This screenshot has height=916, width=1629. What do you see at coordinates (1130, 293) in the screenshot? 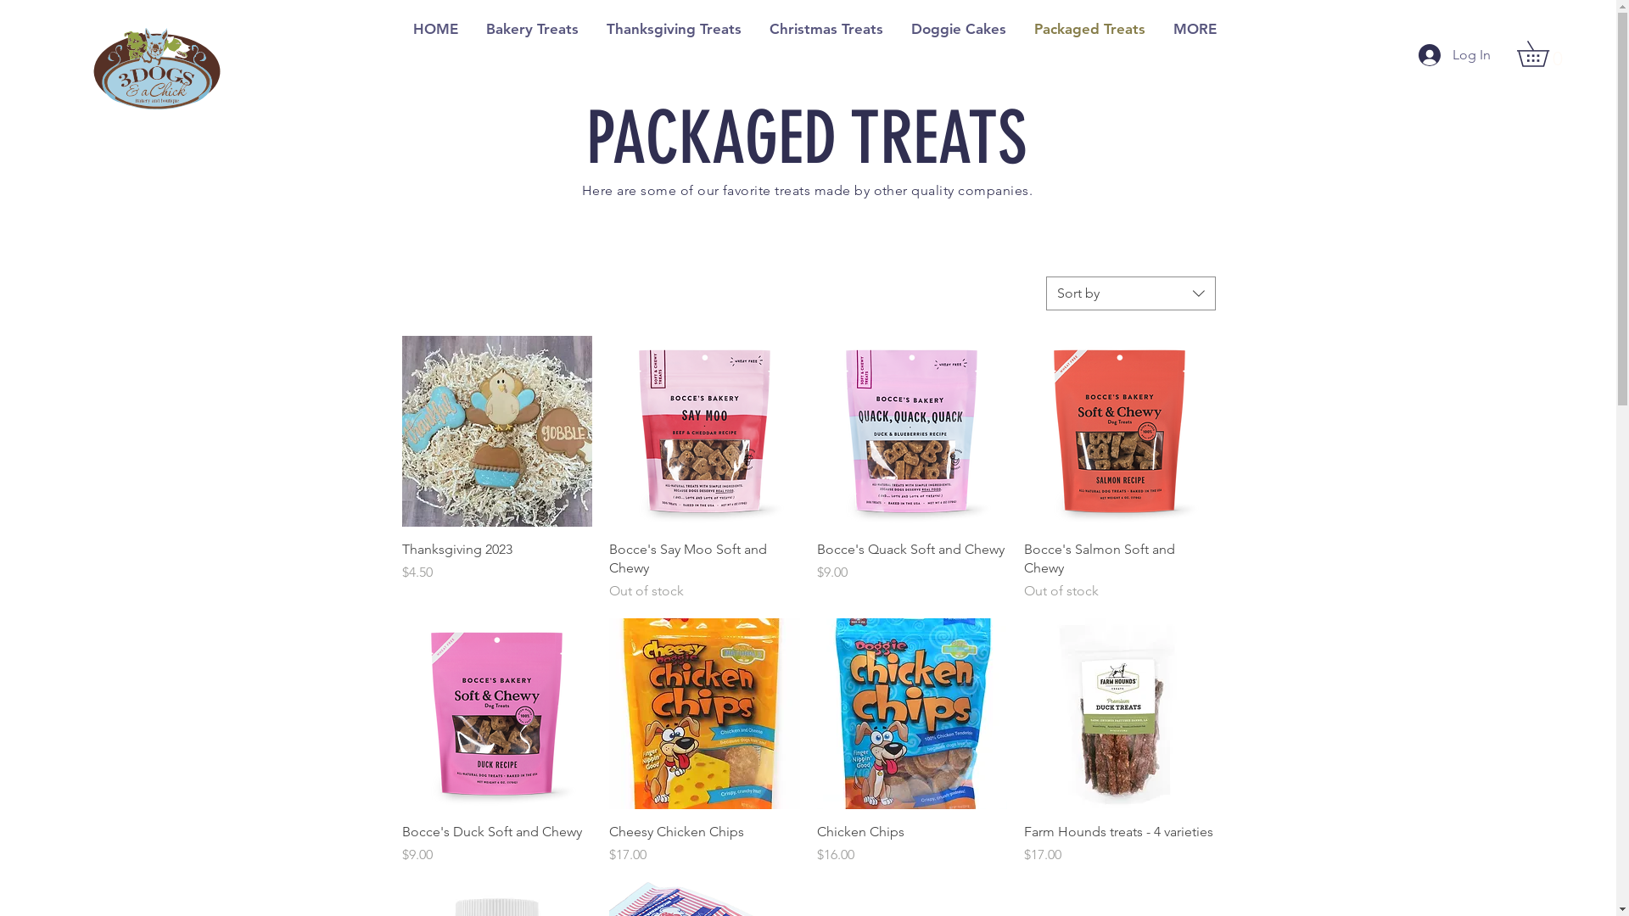
I see `'Sort by'` at bounding box center [1130, 293].